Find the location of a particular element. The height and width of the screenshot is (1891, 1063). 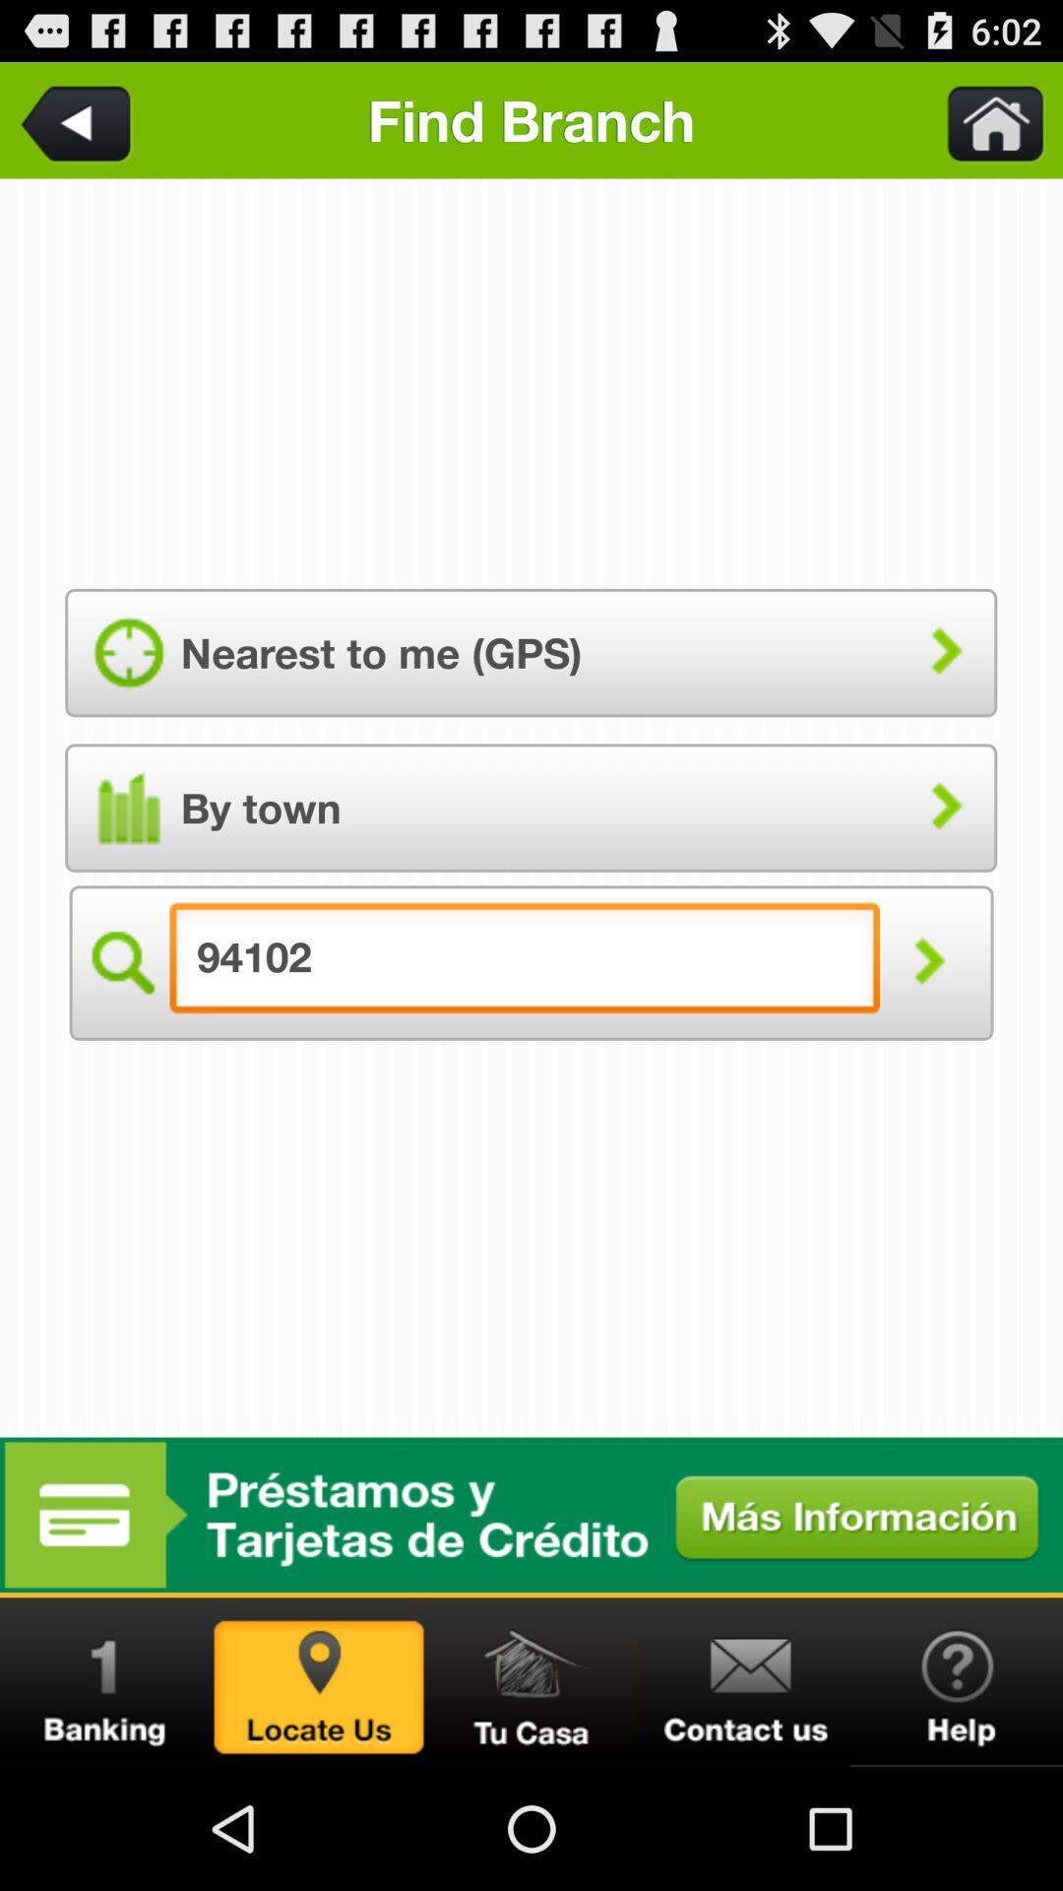

home page is located at coordinates (983, 119).